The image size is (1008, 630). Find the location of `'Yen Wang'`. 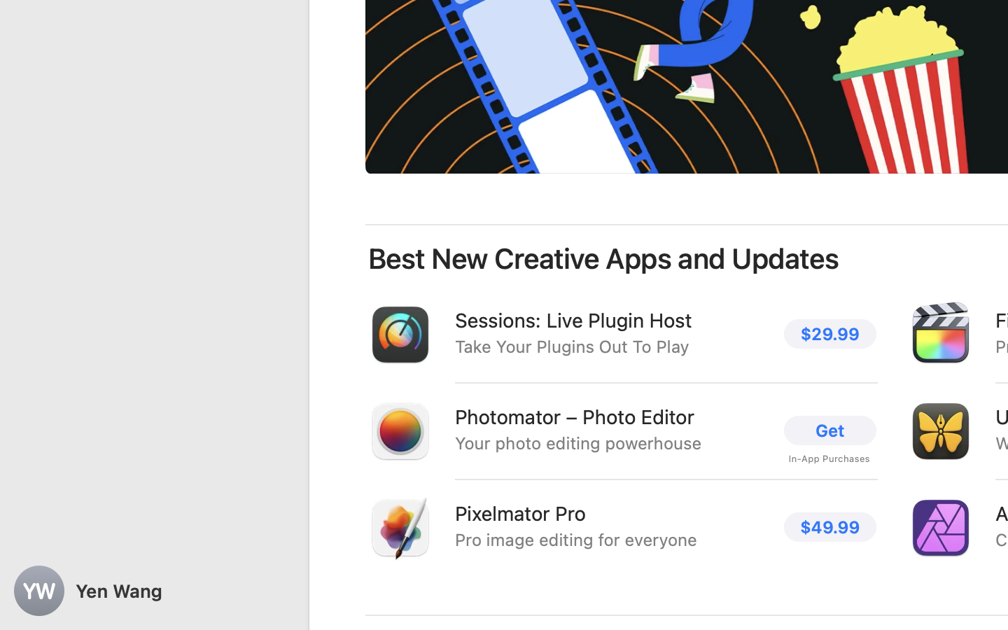

'Yen Wang' is located at coordinates (154, 591).